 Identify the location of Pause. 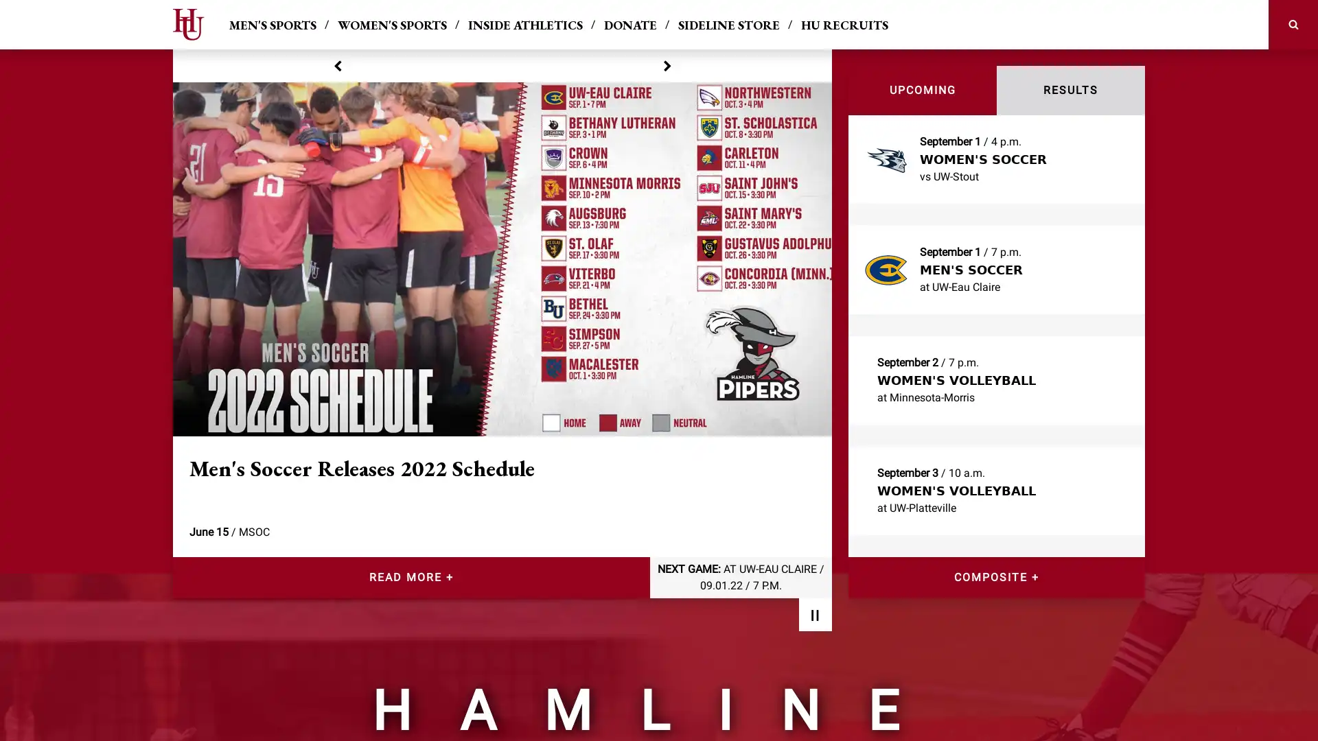
(815, 539).